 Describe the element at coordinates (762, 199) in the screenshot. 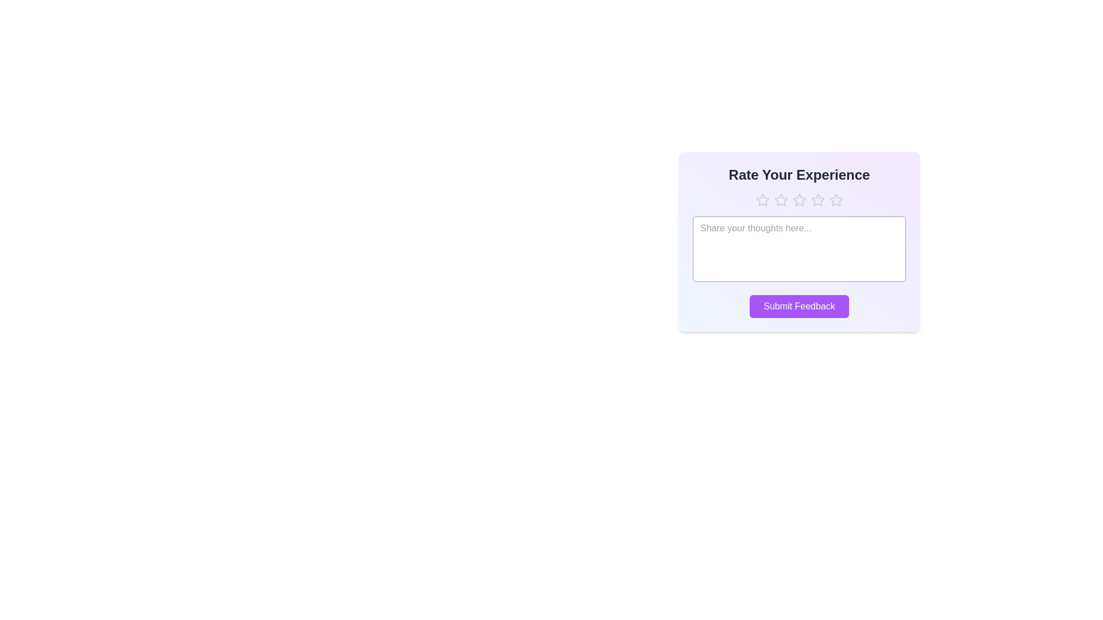

I see `the star corresponding to the desired rating 1` at that location.